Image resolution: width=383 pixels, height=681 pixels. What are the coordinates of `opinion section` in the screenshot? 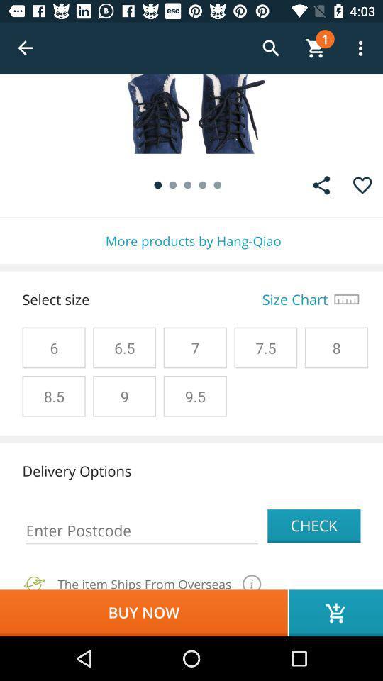 It's located at (321, 184).